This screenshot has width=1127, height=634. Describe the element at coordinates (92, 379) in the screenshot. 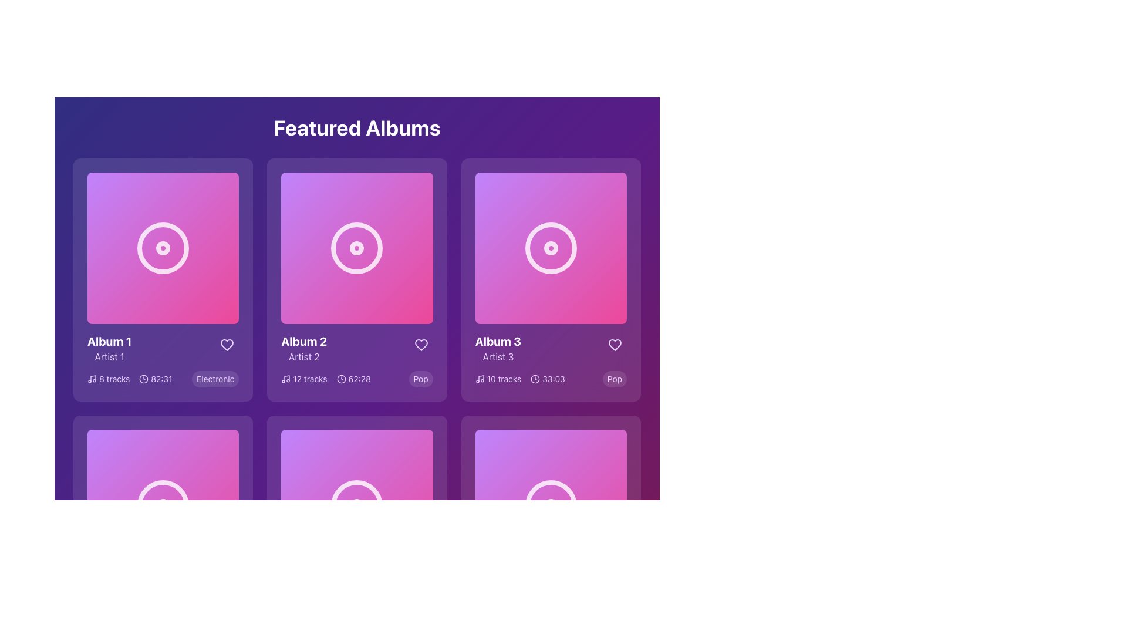

I see `the appearance of the music tracks icon located in the lower-left corner of the 'Album 1' card, adjacent to the text '8 tracks'` at that location.